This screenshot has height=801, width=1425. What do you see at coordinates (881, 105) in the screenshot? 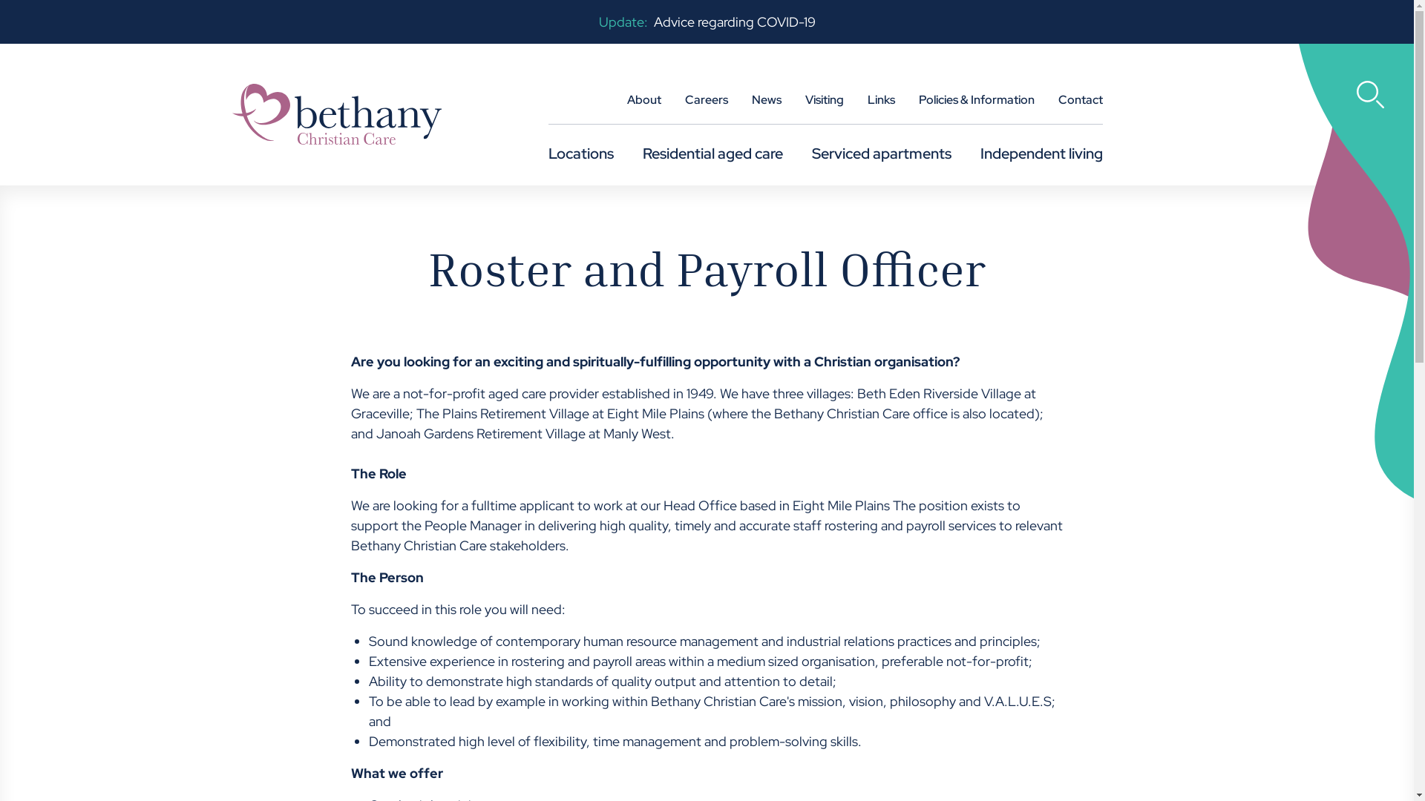
I see `'Links'` at bounding box center [881, 105].